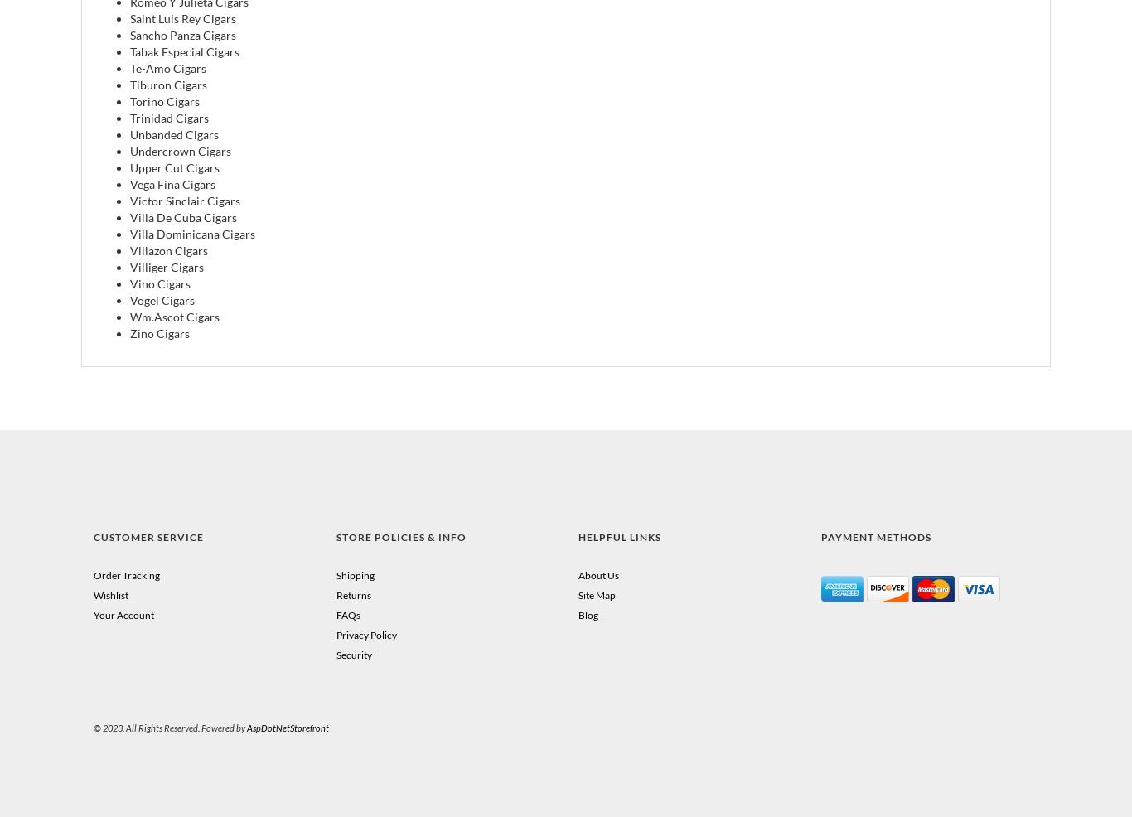 The image size is (1132, 817). I want to click on 'Helpful Links', so click(620, 536).